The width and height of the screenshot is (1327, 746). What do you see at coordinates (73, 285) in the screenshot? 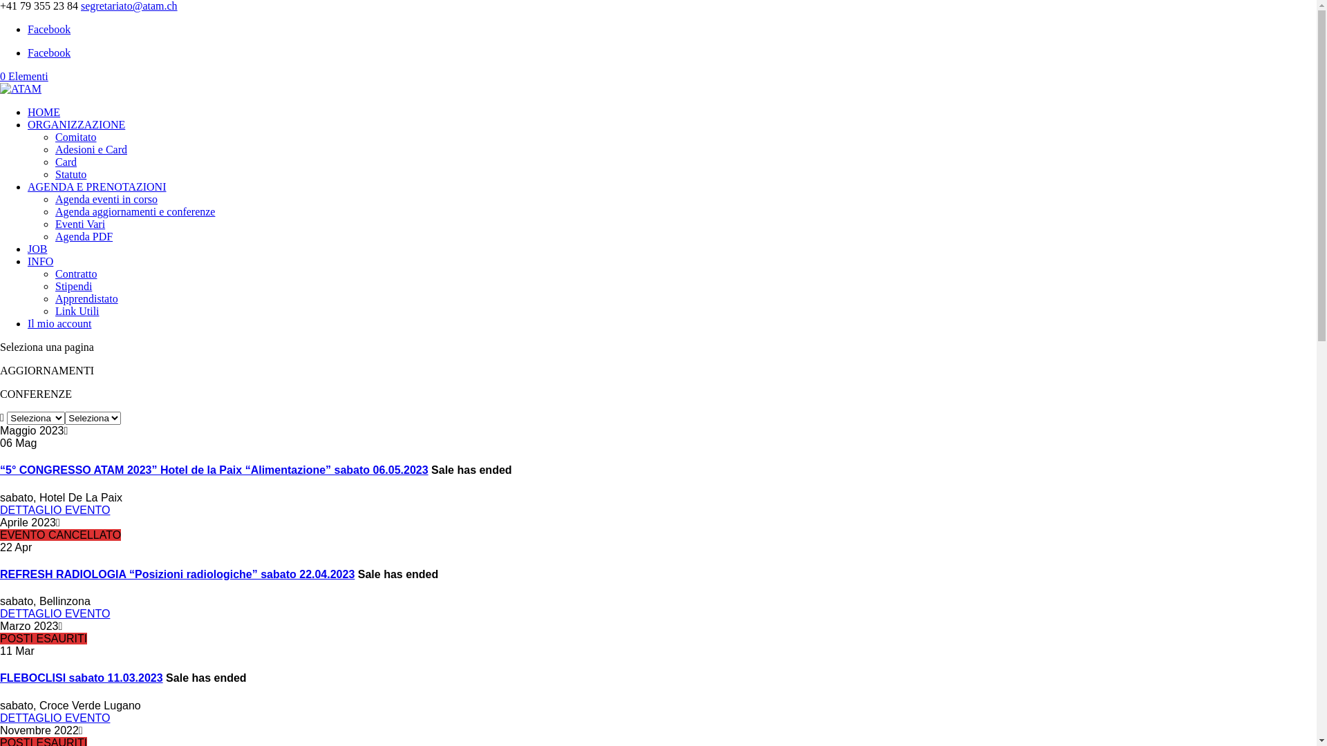
I see `'Stipendi'` at bounding box center [73, 285].